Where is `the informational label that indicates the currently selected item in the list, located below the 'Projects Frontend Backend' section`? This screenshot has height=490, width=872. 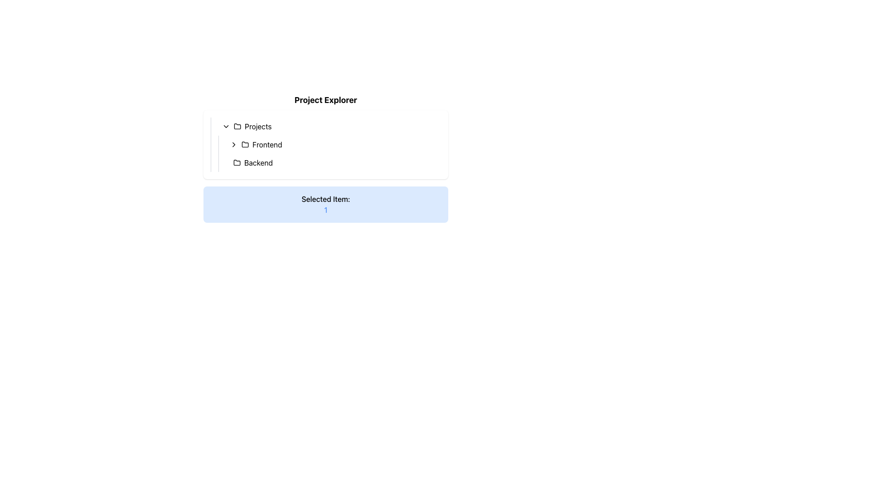 the informational label that indicates the currently selected item in the list, located below the 'Projects Frontend Backend' section is located at coordinates (326, 205).